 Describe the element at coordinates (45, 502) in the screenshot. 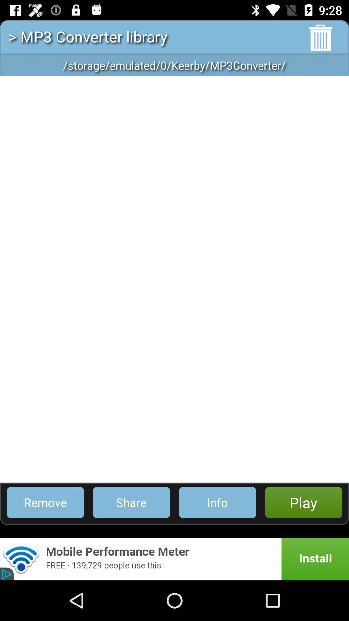

I see `remove item` at that location.